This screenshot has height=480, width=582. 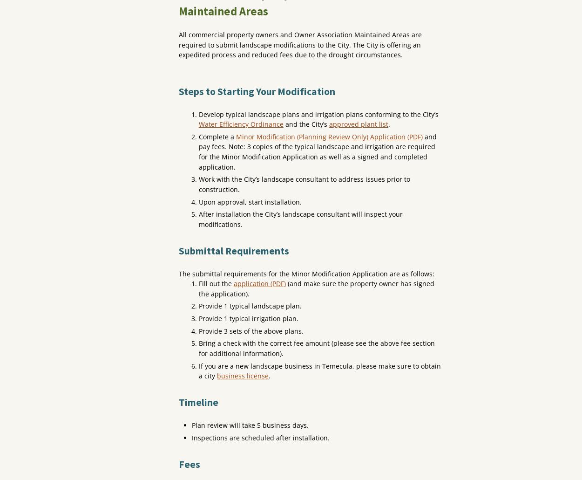 I want to click on 'Minor Modification (Planning Review Only) Application (PDF)', so click(x=328, y=136).